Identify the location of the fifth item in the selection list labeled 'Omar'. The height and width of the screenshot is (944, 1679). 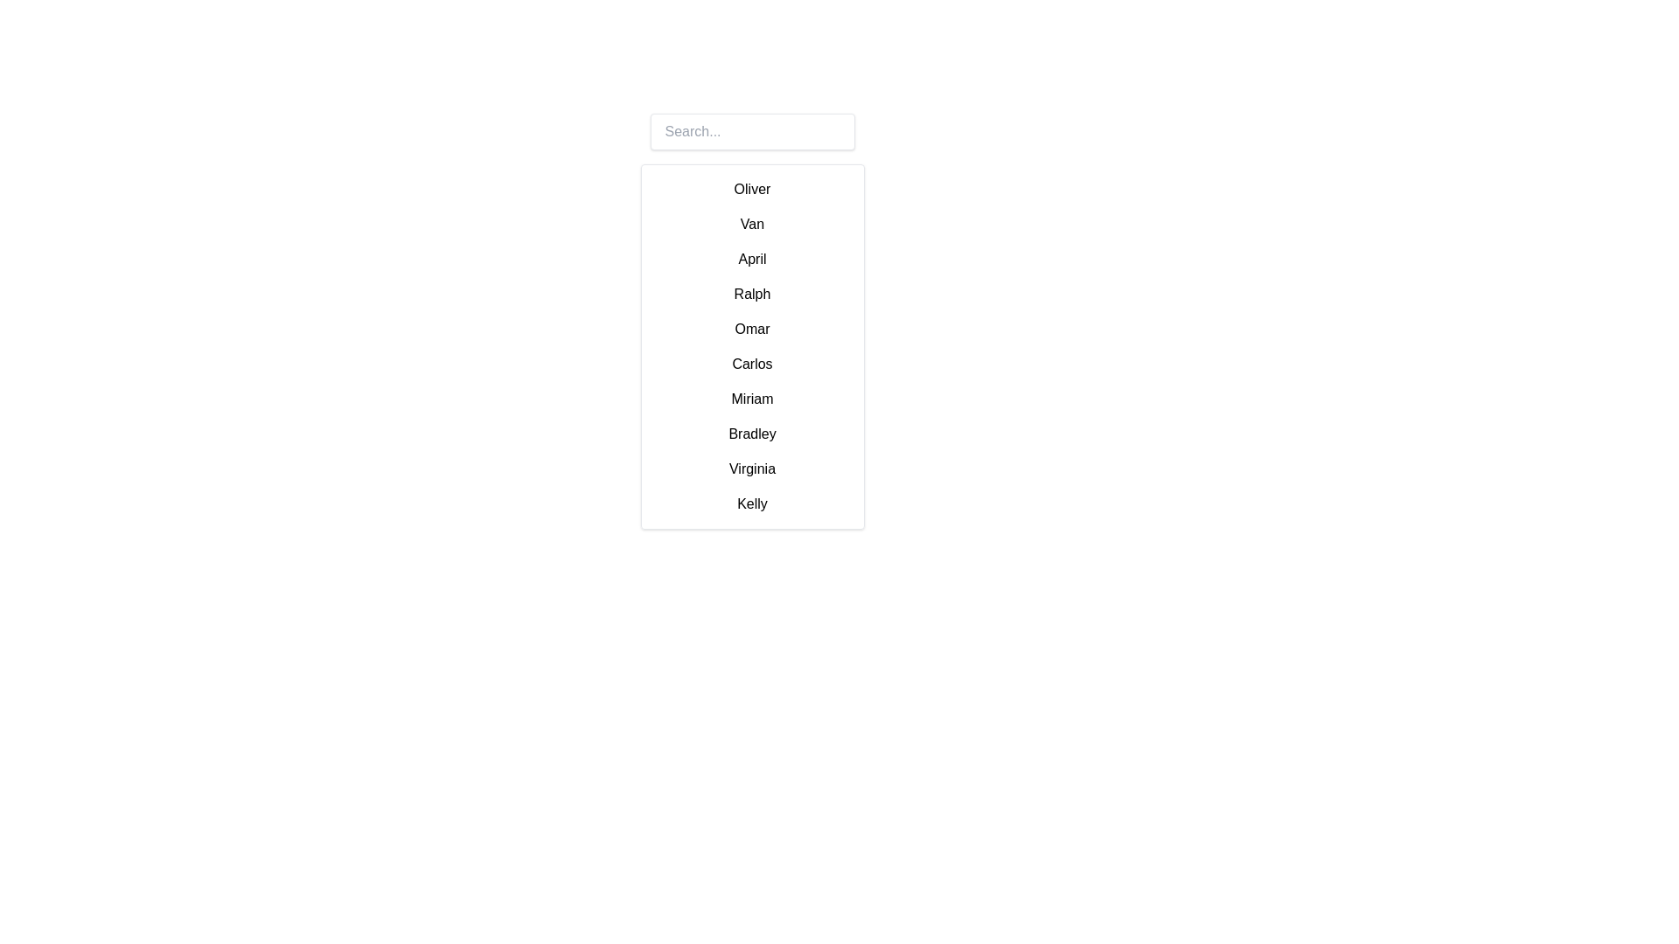
(752, 330).